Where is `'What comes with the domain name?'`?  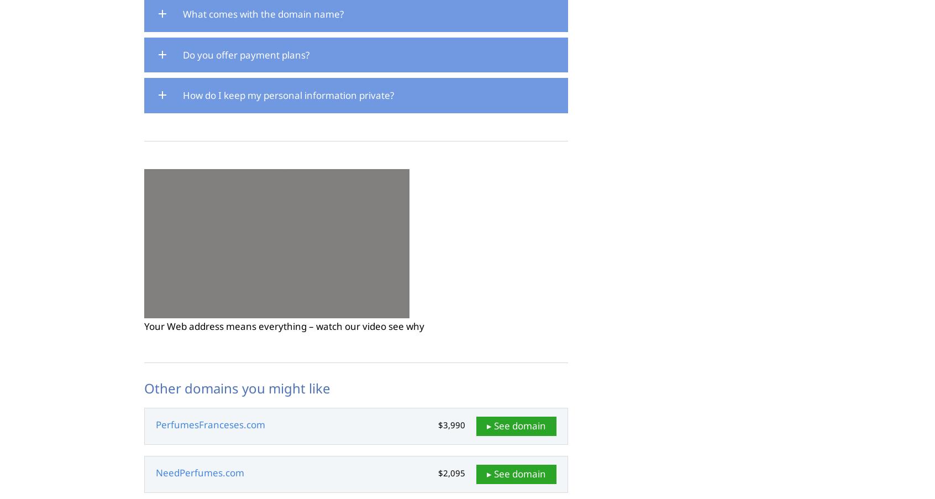 'What comes with the domain name?' is located at coordinates (262, 13).